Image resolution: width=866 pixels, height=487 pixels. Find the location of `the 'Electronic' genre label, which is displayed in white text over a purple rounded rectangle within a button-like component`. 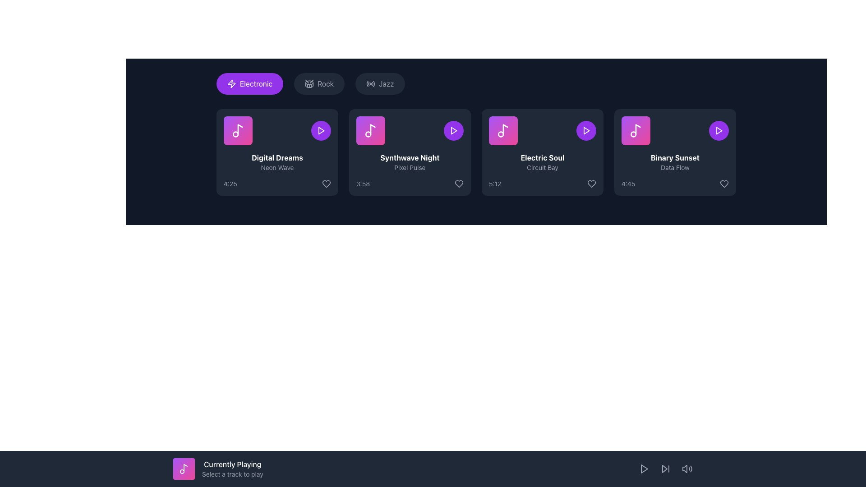

the 'Electronic' genre label, which is displayed in white text over a purple rounded rectangle within a button-like component is located at coordinates (255, 83).